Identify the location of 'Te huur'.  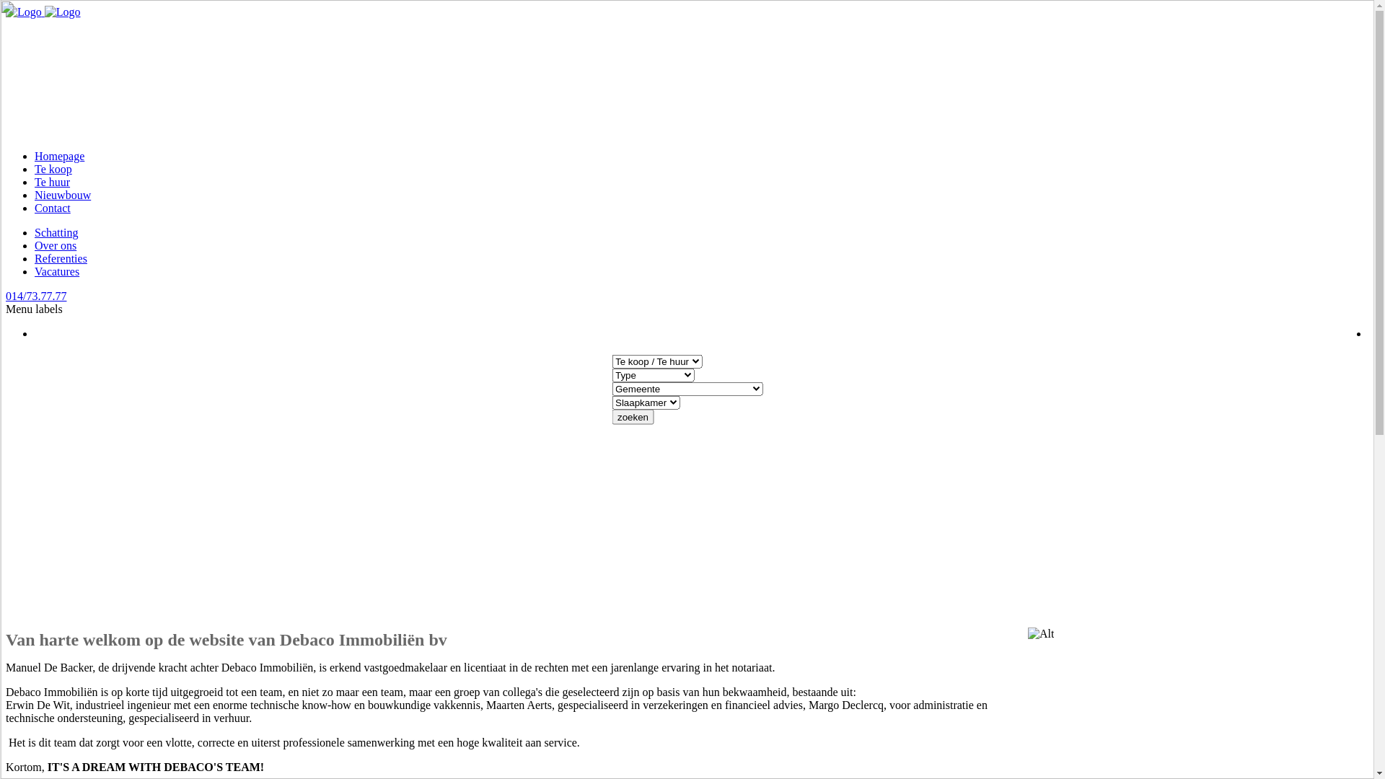
(52, 181).